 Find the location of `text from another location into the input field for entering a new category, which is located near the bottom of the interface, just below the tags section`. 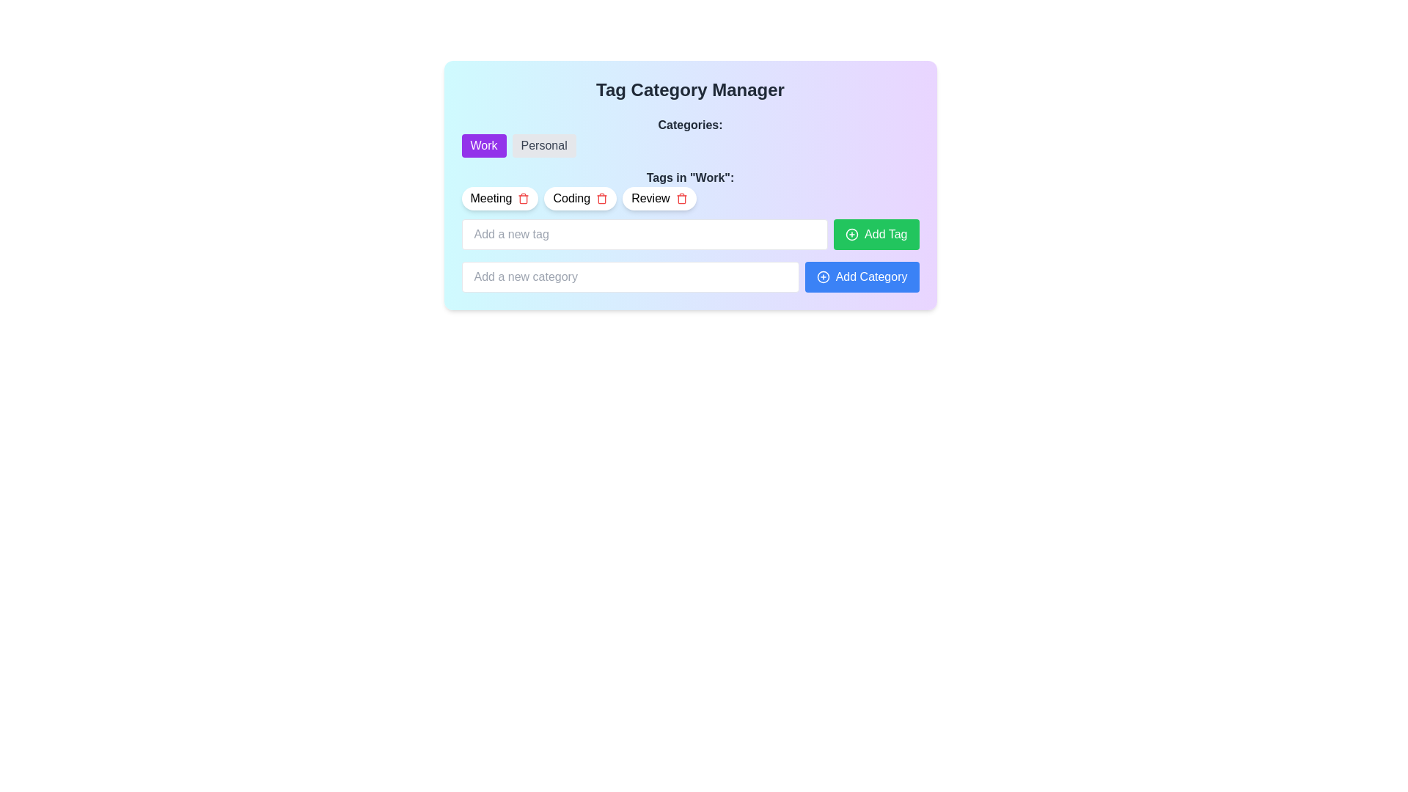

text from another location into the input field for entering a new category, which is located near the bottom of the interface, just below the tags section is located at coordinates (689, 277).